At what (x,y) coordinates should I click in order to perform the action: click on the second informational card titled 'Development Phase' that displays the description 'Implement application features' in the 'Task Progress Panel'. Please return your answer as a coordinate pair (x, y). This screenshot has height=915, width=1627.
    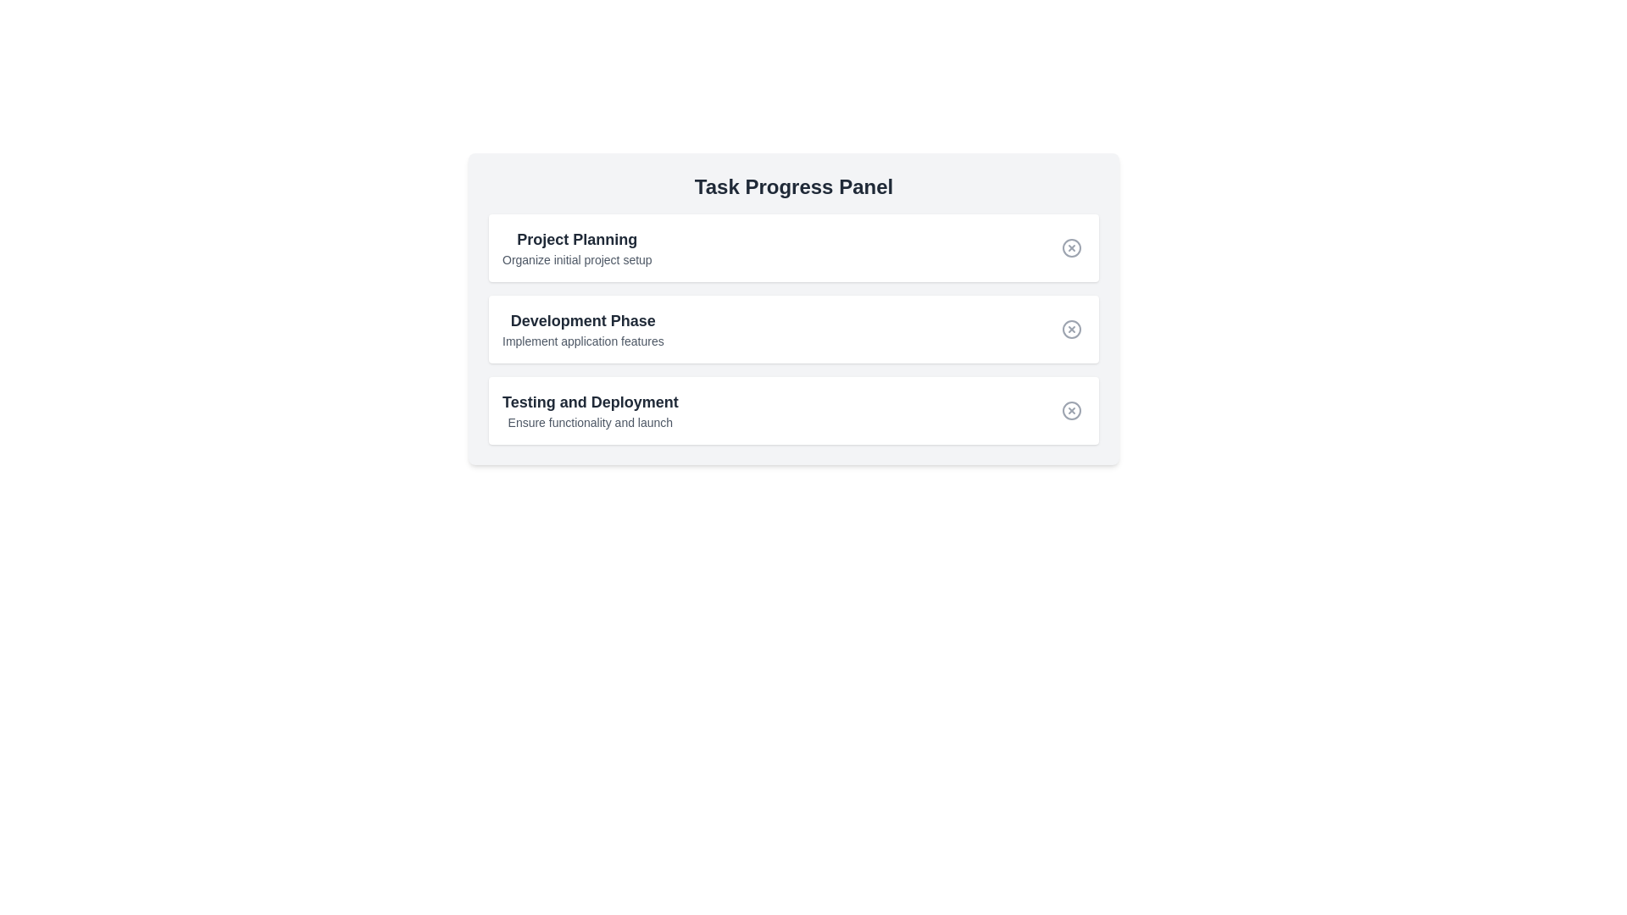
    Looking at the image, I should click on (792, 309).